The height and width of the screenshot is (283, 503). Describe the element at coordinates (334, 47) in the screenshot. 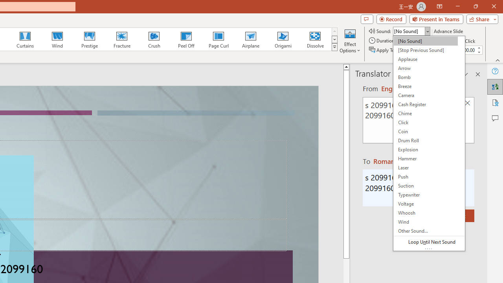

I see `'Transition Effects'` at that location.